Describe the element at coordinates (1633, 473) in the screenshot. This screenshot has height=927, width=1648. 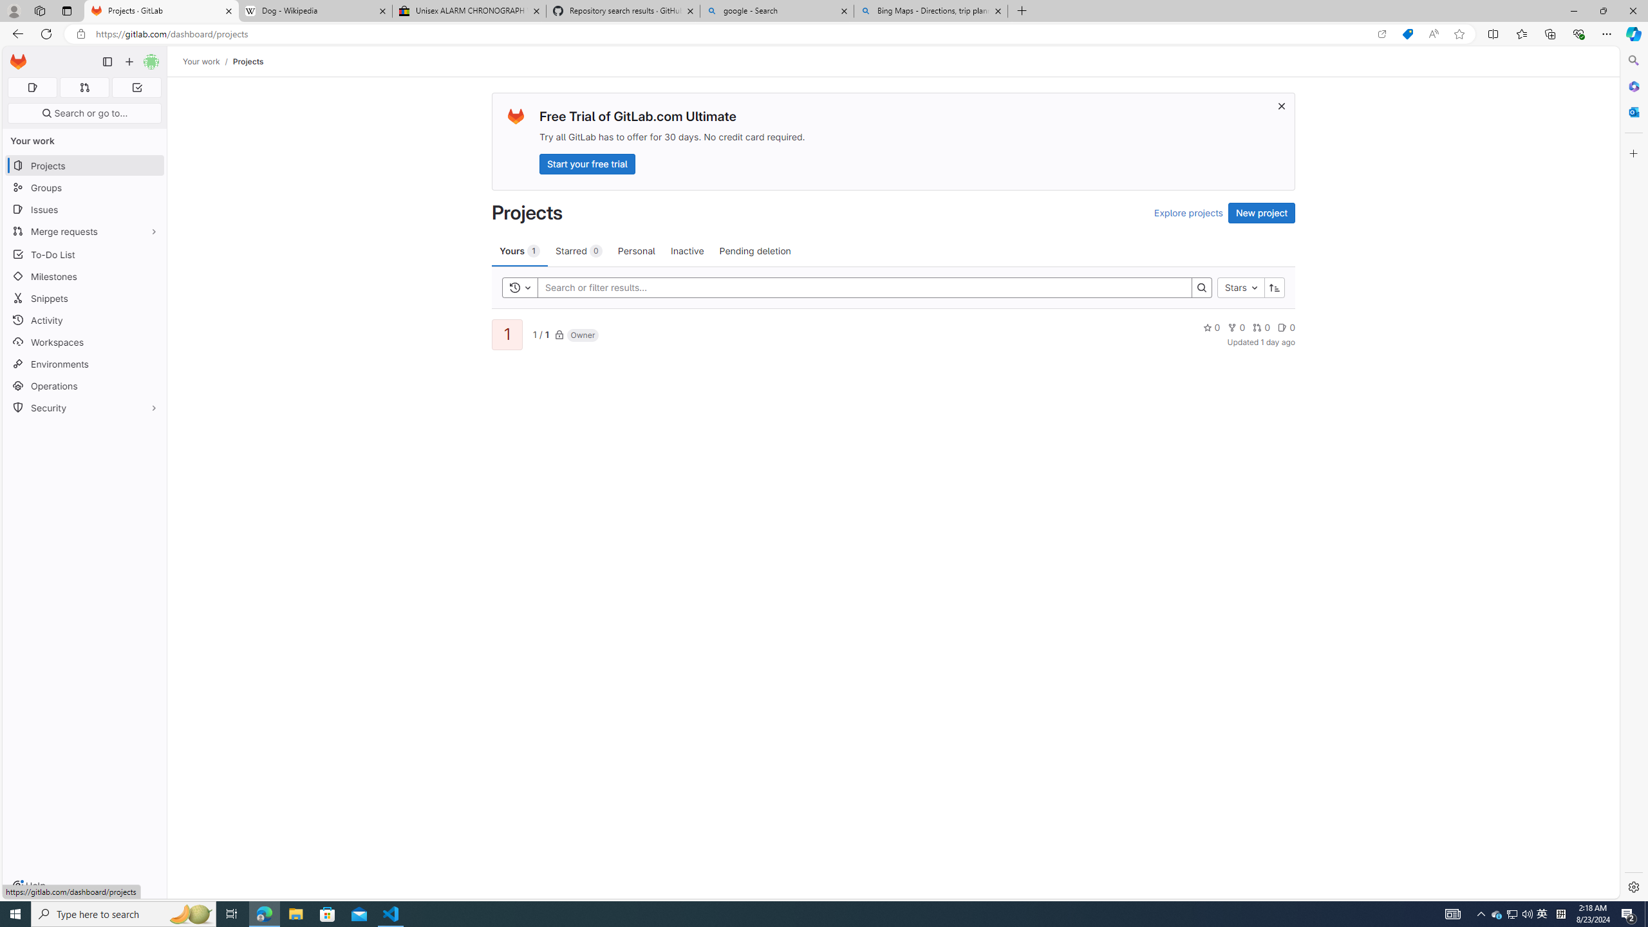
I see `'Side bar'` at that location.